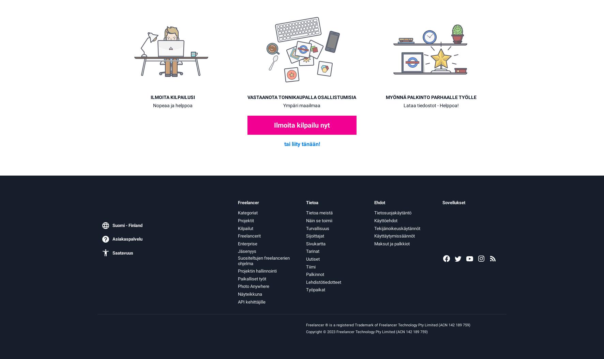 The width and height of the screenshot is (604, 359). I want to click on 'Näyteikkuna', so click(250, 294).